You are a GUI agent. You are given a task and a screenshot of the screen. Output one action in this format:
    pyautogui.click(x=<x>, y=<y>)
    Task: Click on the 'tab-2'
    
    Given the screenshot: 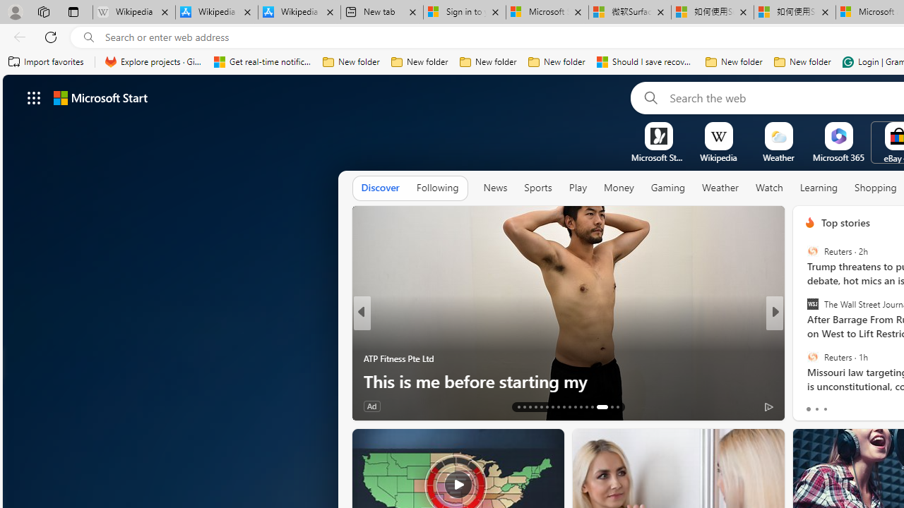 What is the action you would take?
    pyautogui.click(x=825, y=409)
    